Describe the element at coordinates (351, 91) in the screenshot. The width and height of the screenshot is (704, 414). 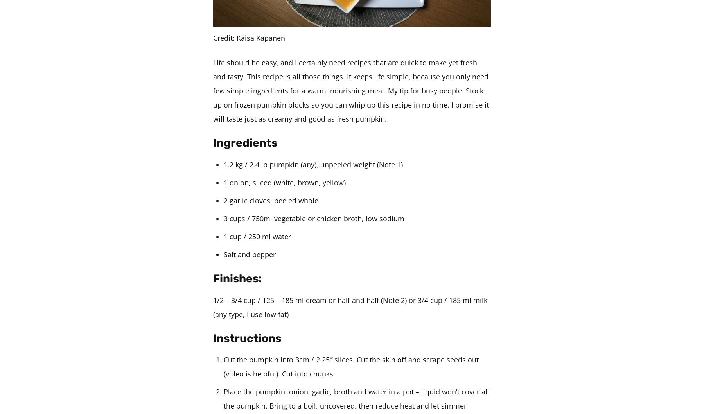
I see `'Life should be easy, and I certainly need recipes that are quick to make yet fresh and tasty. This recipe is all those things. It keeps life simple, because you only need few simple ingredients for a warm, nourishing meal. My tip for busy people: Stock up on frozen pumpkin blocks so you can whip up this recipe in no time. I promise it will taste just as creamy and good as fresh pumpkin.'` at that location.